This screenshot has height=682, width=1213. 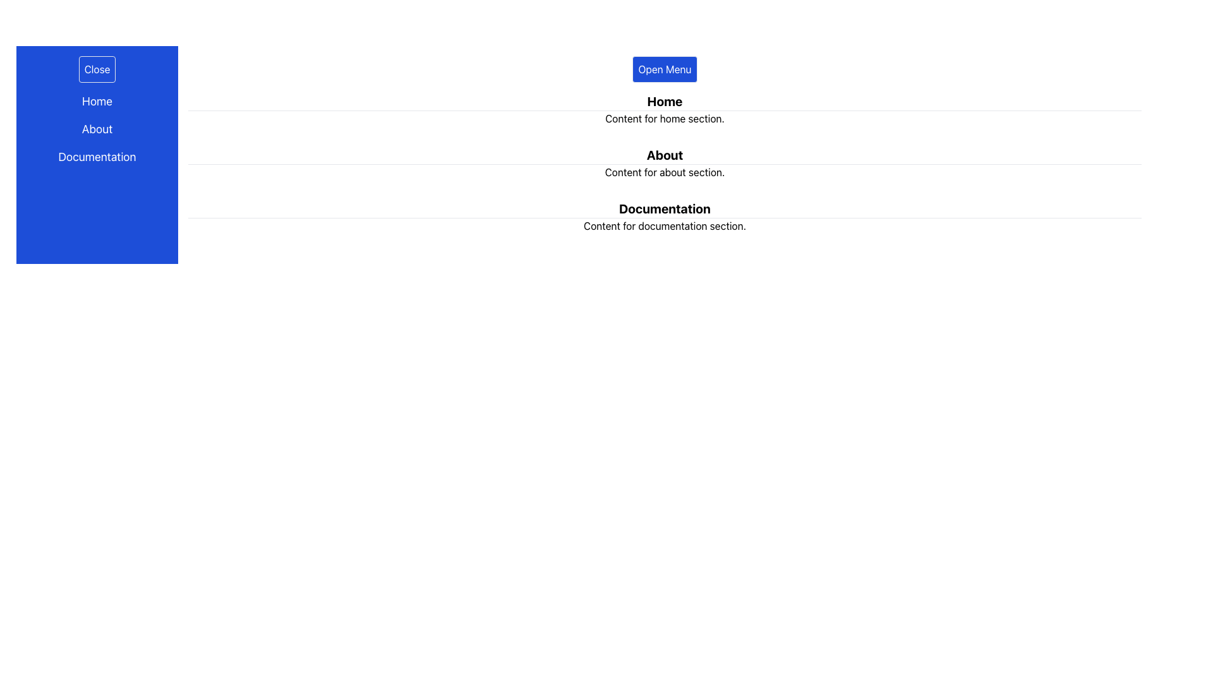 I want to click on the 'Home' text element in the vertical navigation menu, so click(x=96, y=101).